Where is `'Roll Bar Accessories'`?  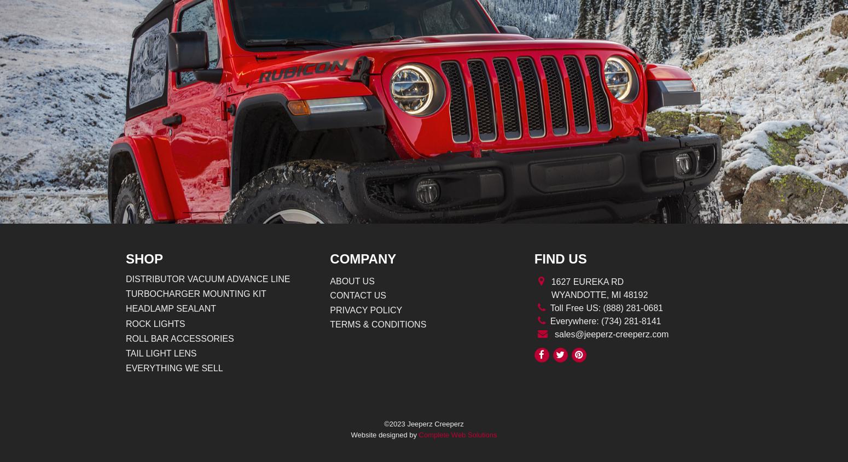 'Roll Bar Accessories' is located at coordinates (125, 338).